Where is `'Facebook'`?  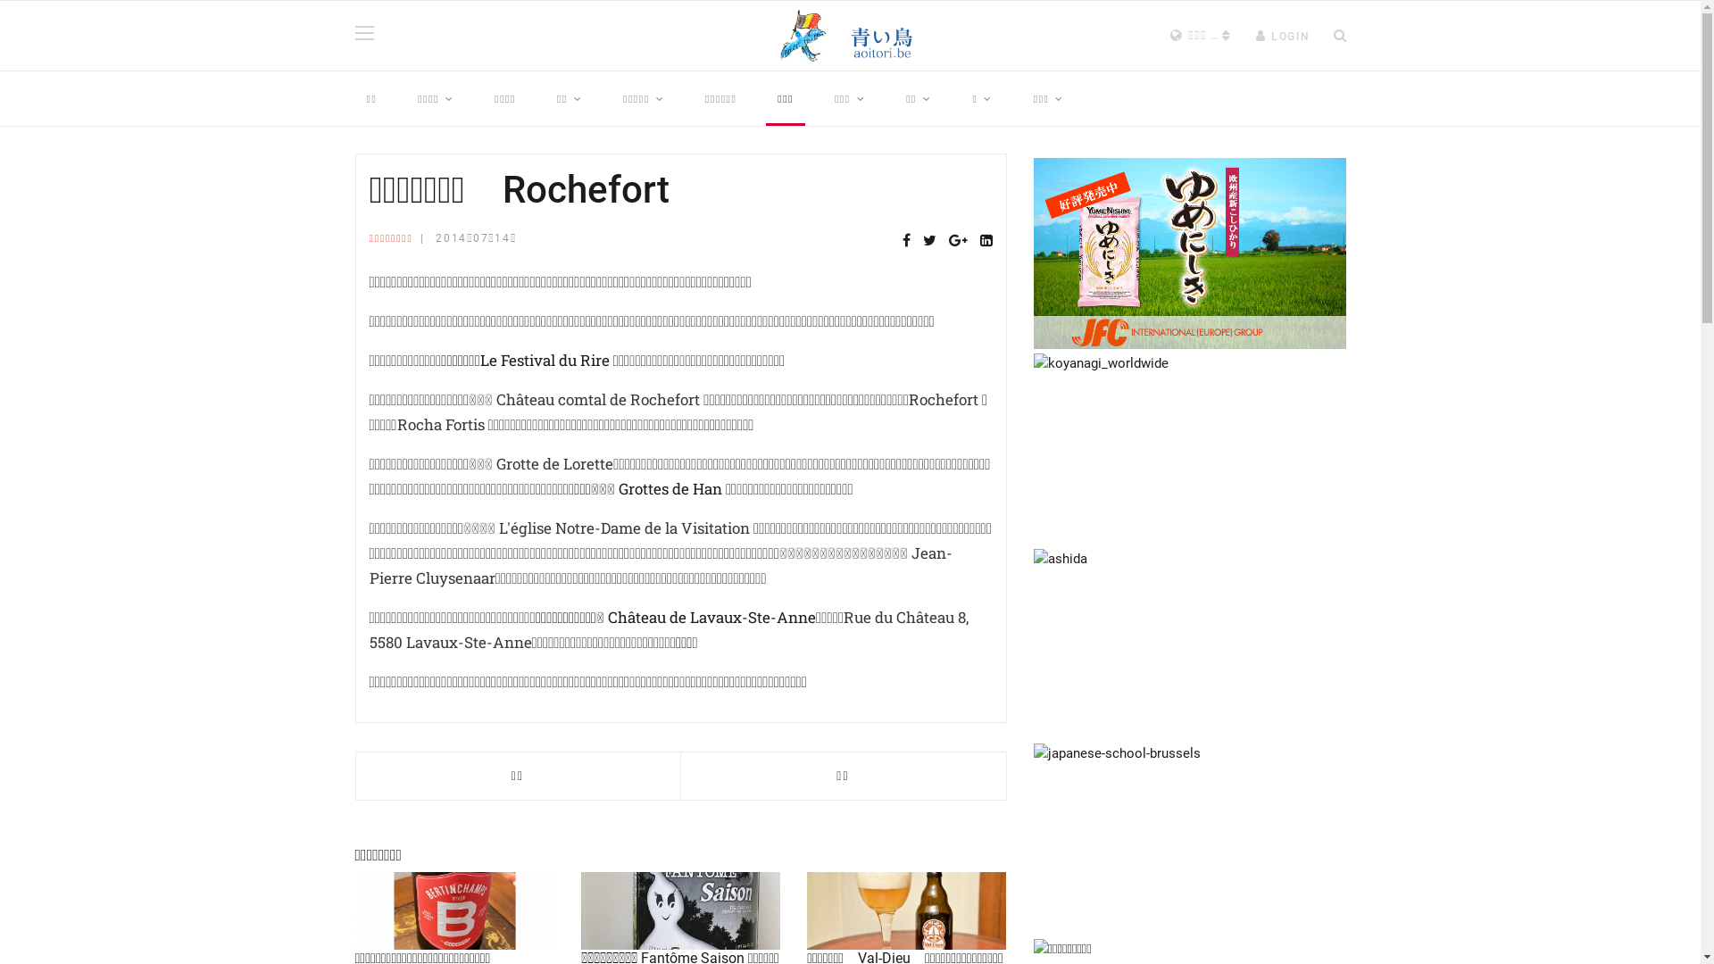
'Facebook' is located at coordinates (905, 241).